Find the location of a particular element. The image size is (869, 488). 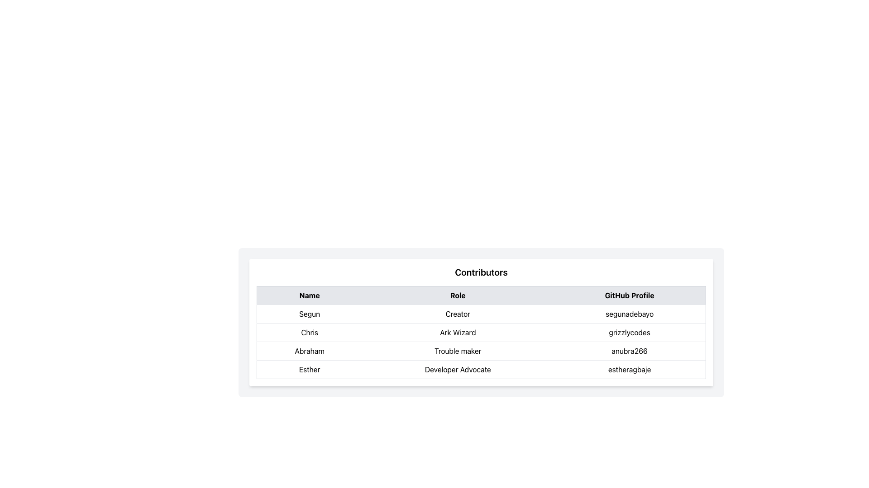

the static text label displaying the name of the contributor 'estheragbaje' in the fourth row of the table under the 'Name' column is located at coordinates (309, 369).